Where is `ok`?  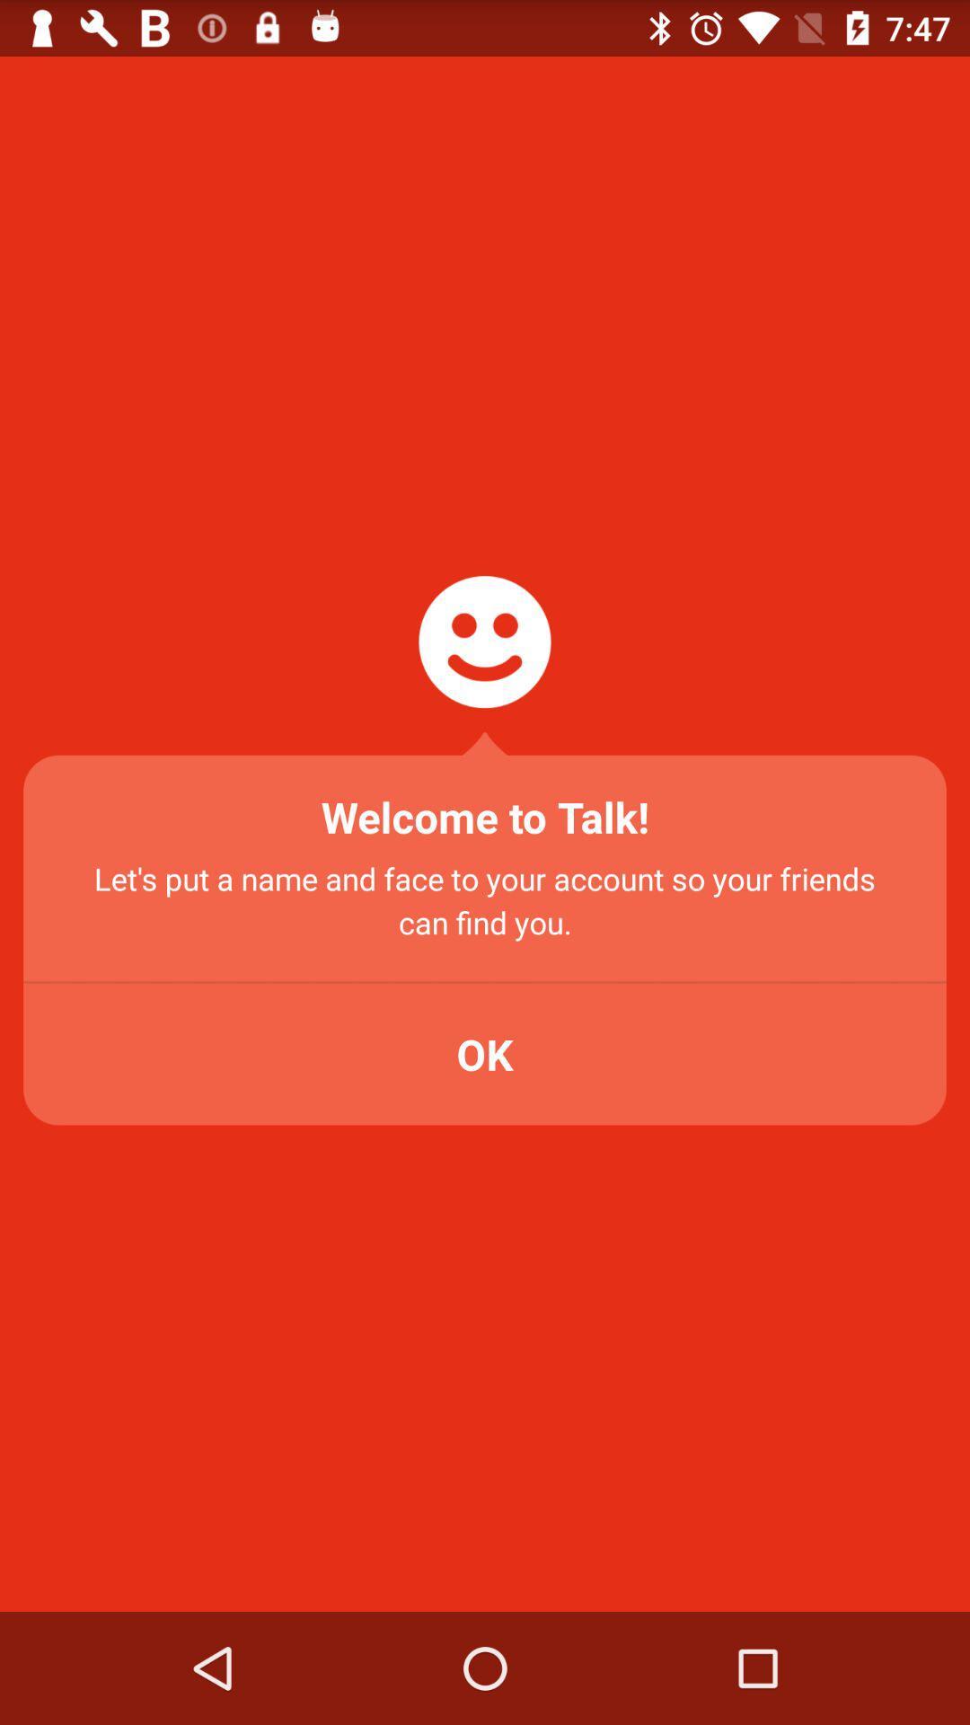 ok is located at coordinates (485, 1054).